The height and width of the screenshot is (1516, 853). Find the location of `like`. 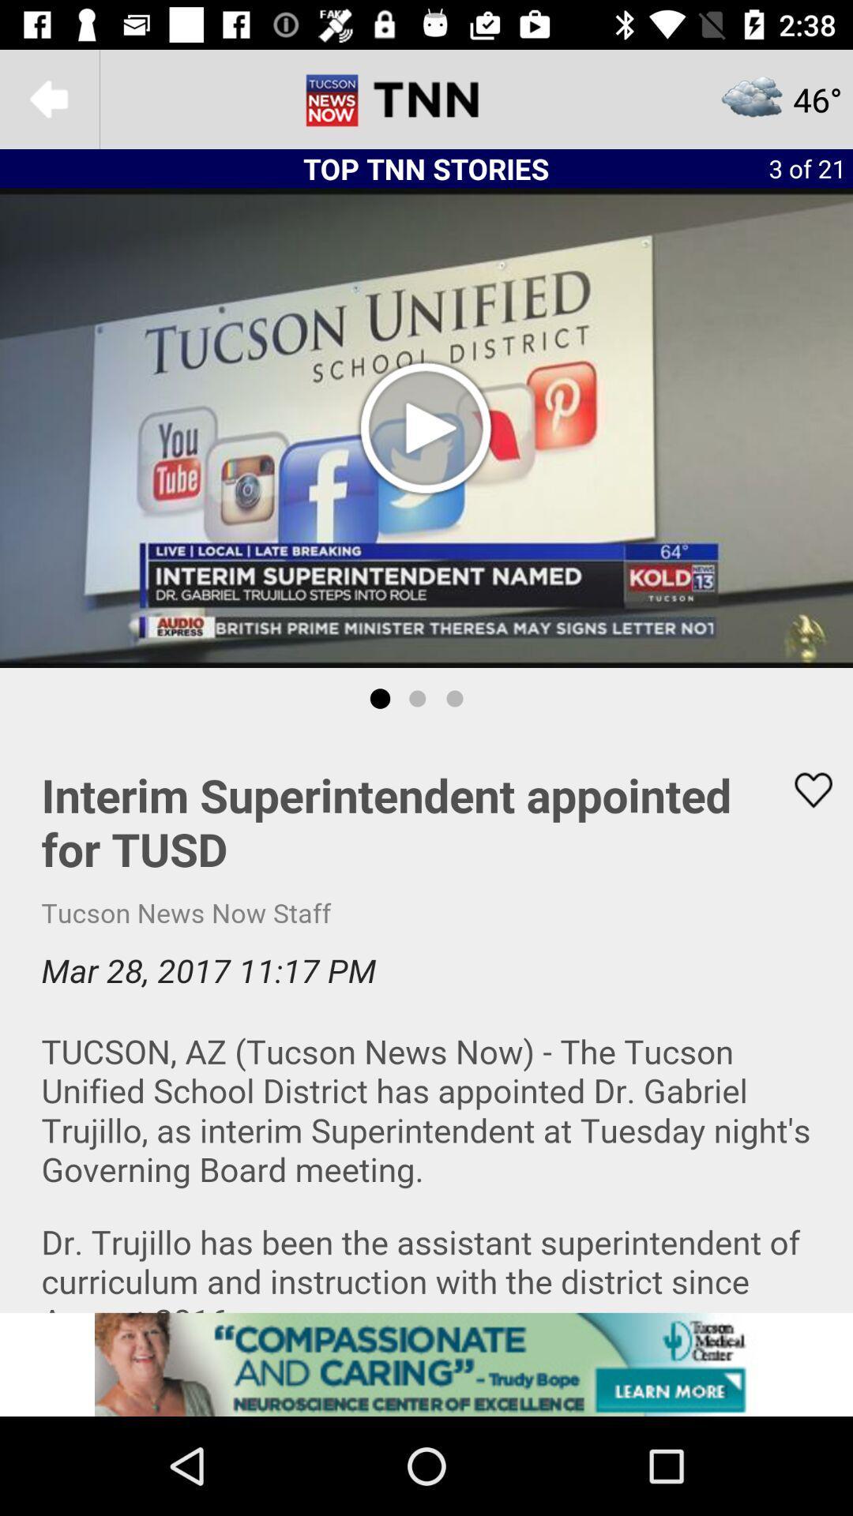

like is located at coordinates (803, 790).